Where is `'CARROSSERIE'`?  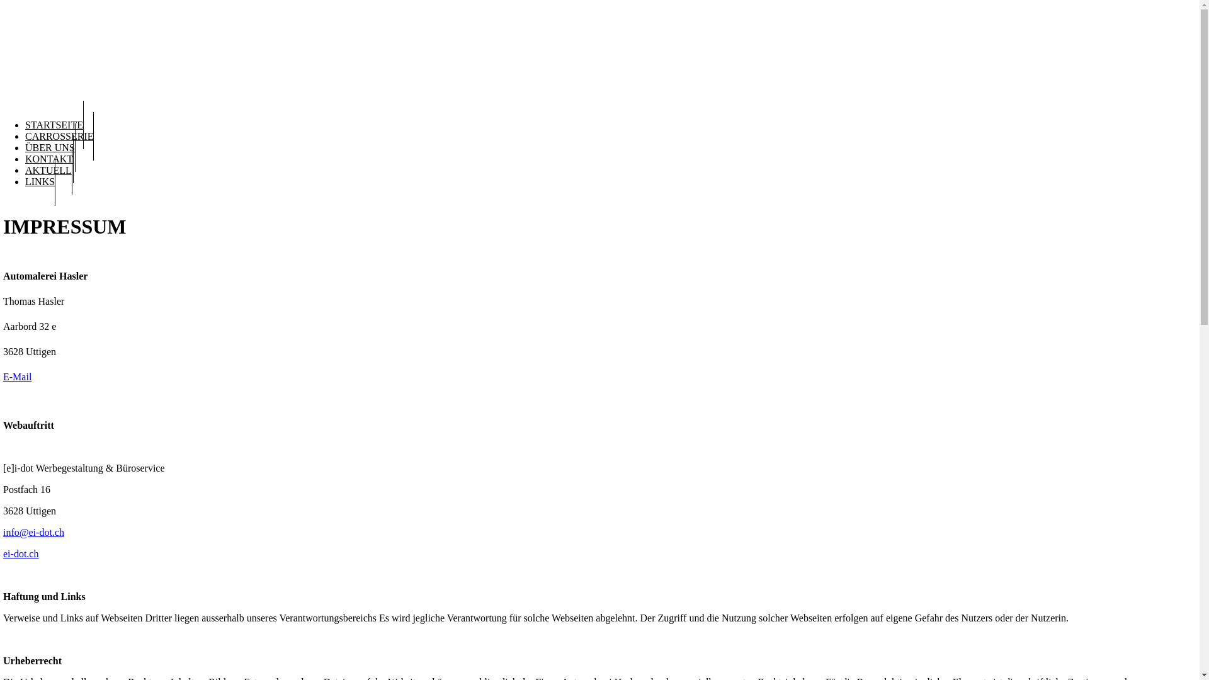 'CARROSSERIE' is located at coordinates (59, 136).